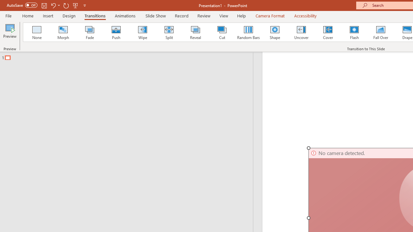 The height and width of the screenshot is (232, 413). I want to click on 'Uncover', so click(301, 32).